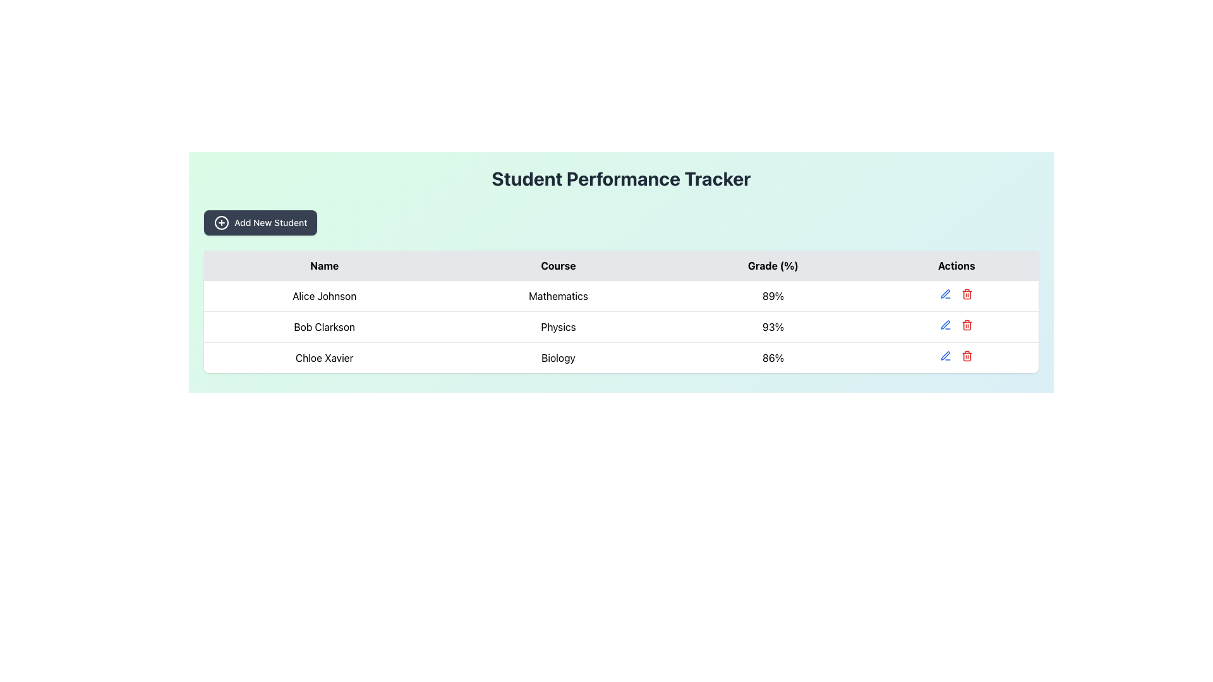  What do you see at coordinates (967, 325) in the screenshot?
I see `the delete icon in the 'Actions' column of the third row` at bounding box center [967, 325].